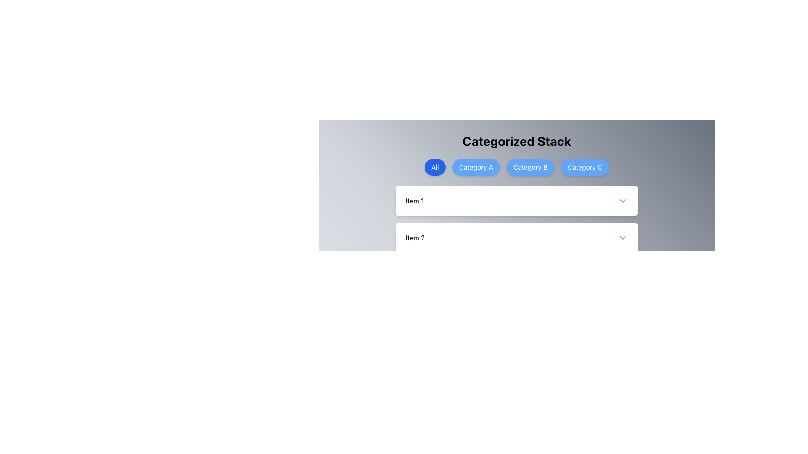  I want to click on the 'Category A' button, the second button in the group of four, so click(476, 167).